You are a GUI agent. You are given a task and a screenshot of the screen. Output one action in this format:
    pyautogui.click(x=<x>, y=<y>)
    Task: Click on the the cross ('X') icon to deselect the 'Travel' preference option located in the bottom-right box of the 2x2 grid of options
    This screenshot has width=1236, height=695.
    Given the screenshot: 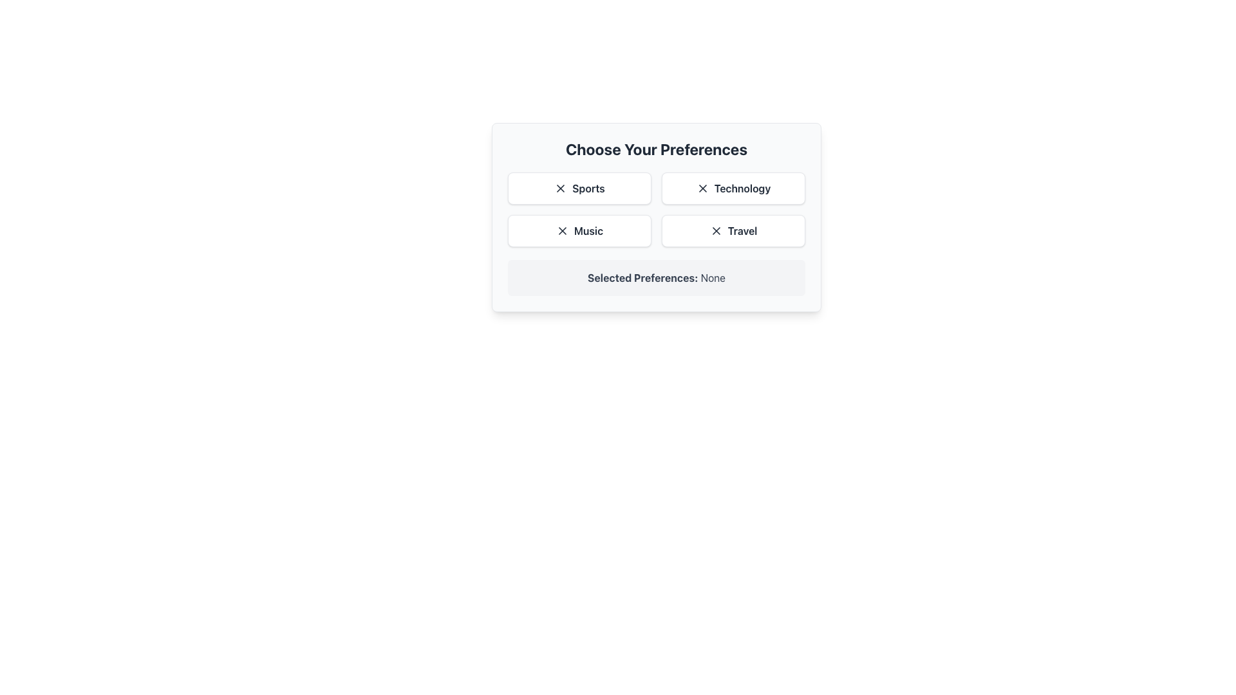 What is the action you would take?
    pyautogui.click(x=715, y=230)
    